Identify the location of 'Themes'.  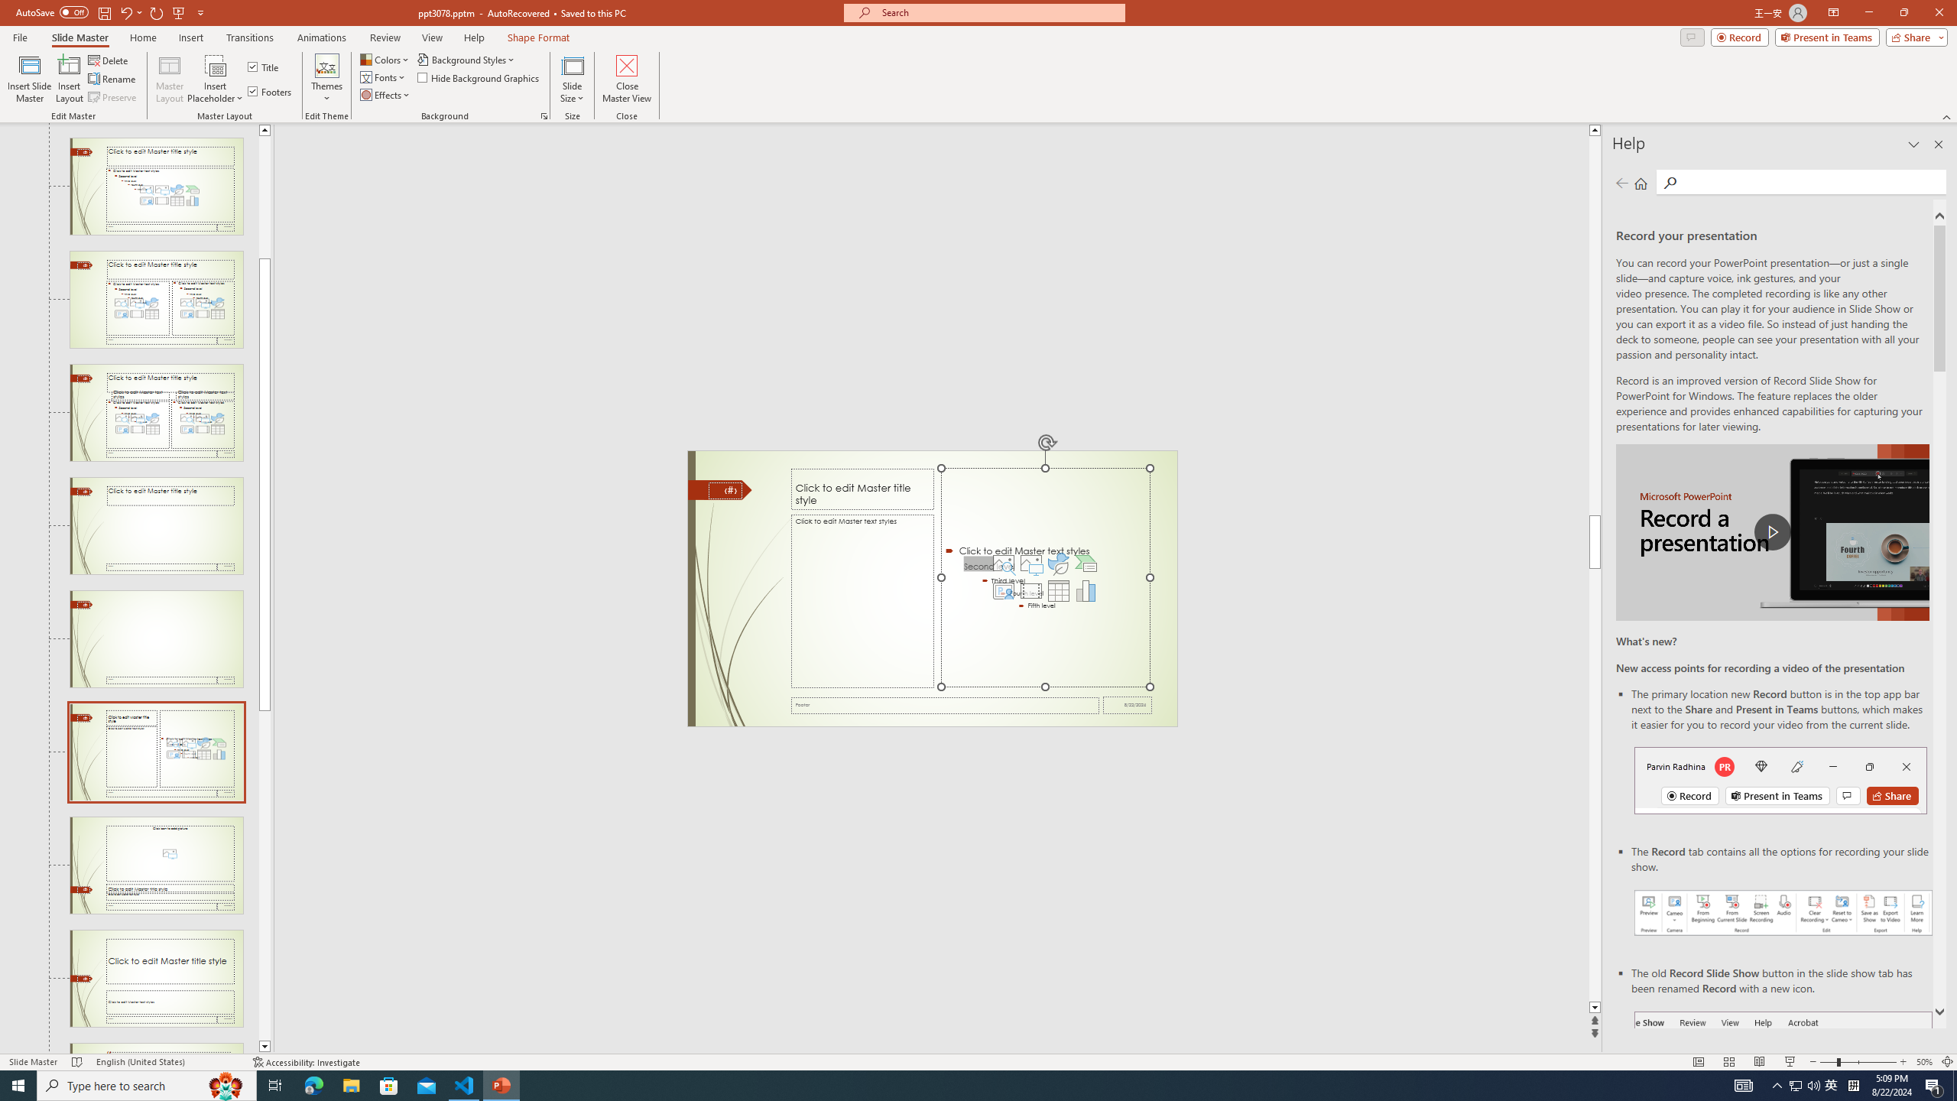
(326, 79).